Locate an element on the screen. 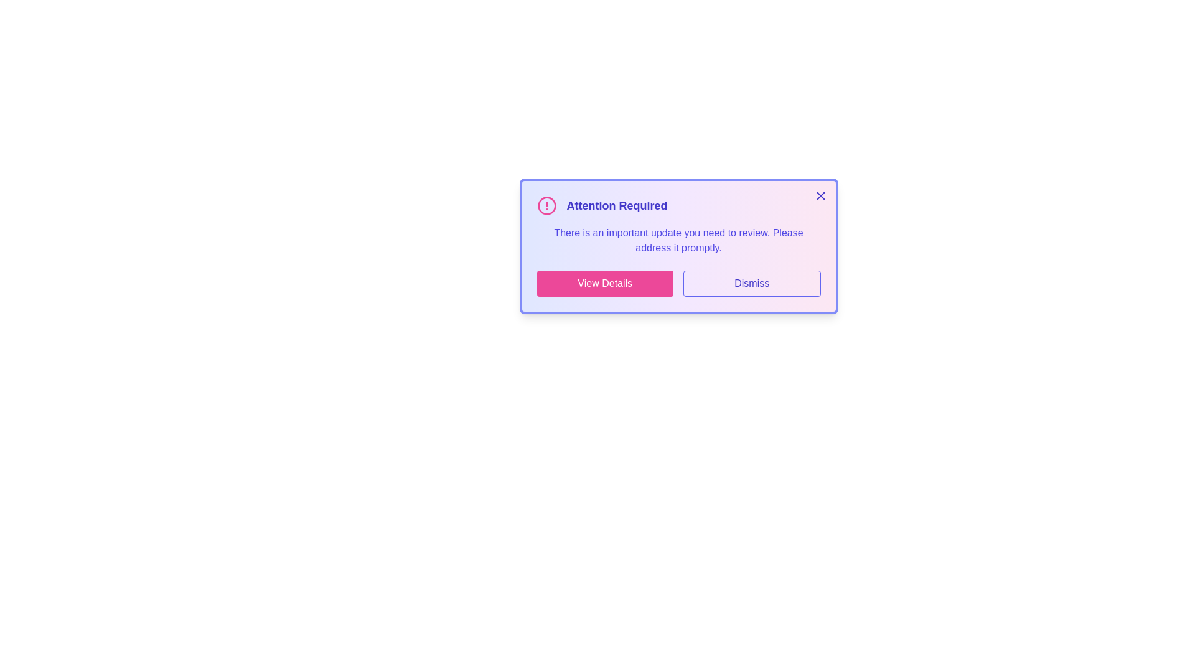 Image resolution: width=1195 pixels, height=672 pixels. 'View Details' button to navigate to further details is located at coordinates (604, 283).